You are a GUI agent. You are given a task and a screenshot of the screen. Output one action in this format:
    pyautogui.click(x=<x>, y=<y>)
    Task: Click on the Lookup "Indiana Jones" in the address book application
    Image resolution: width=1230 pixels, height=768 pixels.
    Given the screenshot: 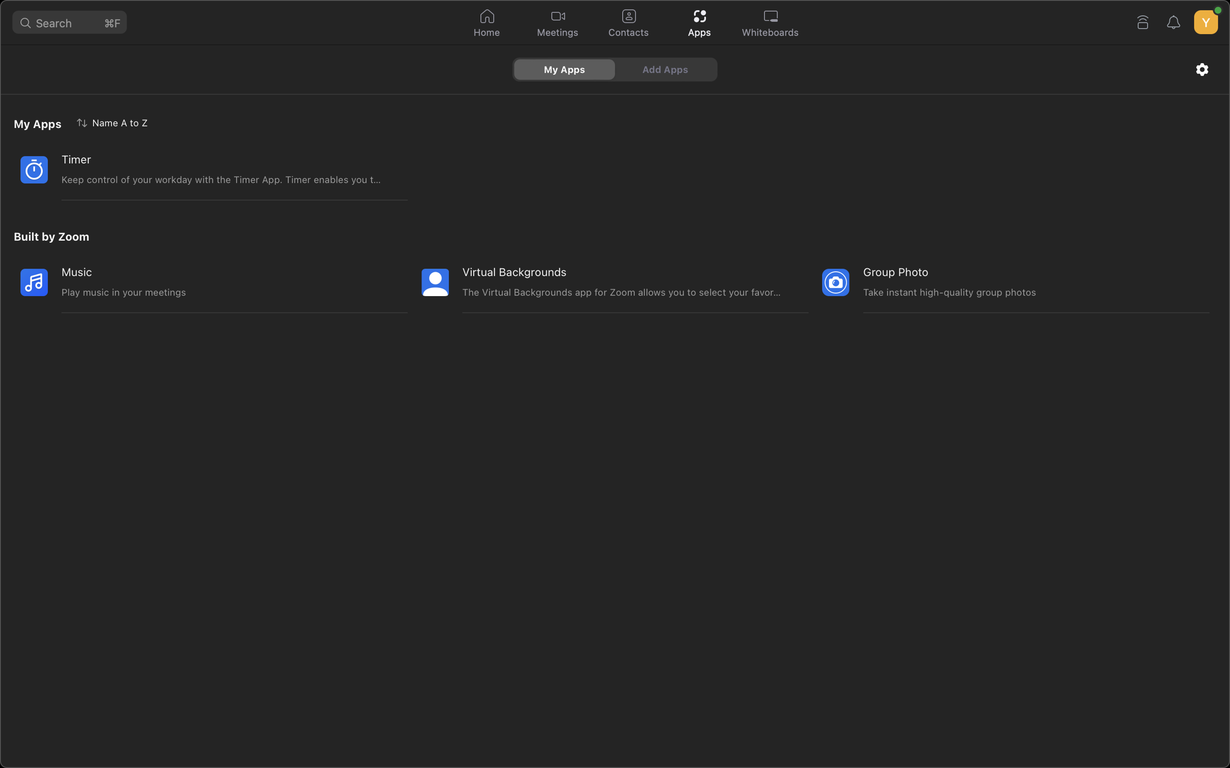 What is the action you would take?
    pyautogui.click(x=628, y=23)
    